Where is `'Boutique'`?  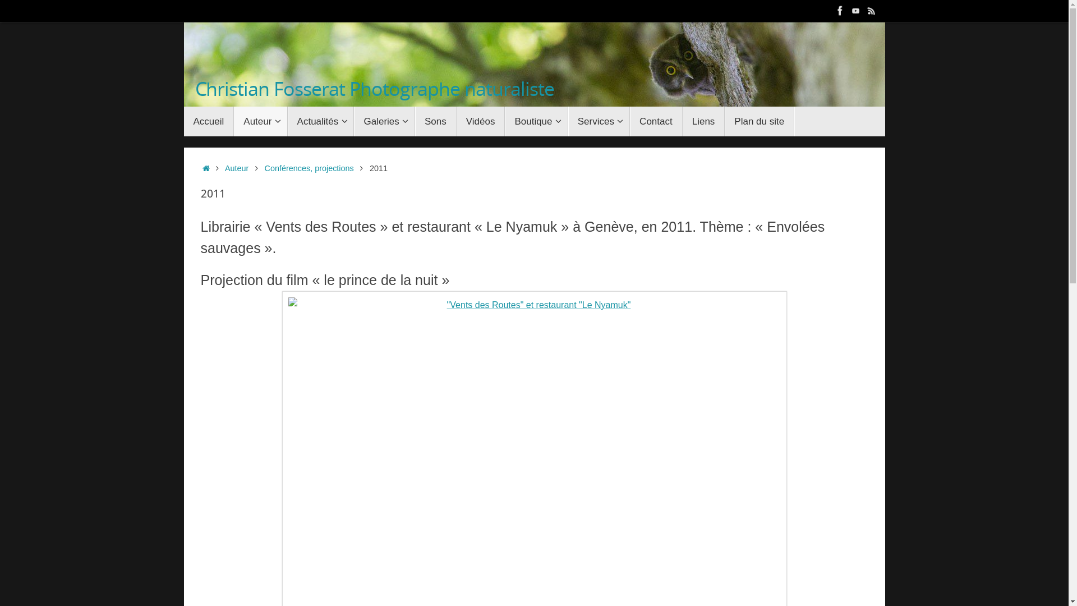 'Boutique' is located at coordinates (504, 121).